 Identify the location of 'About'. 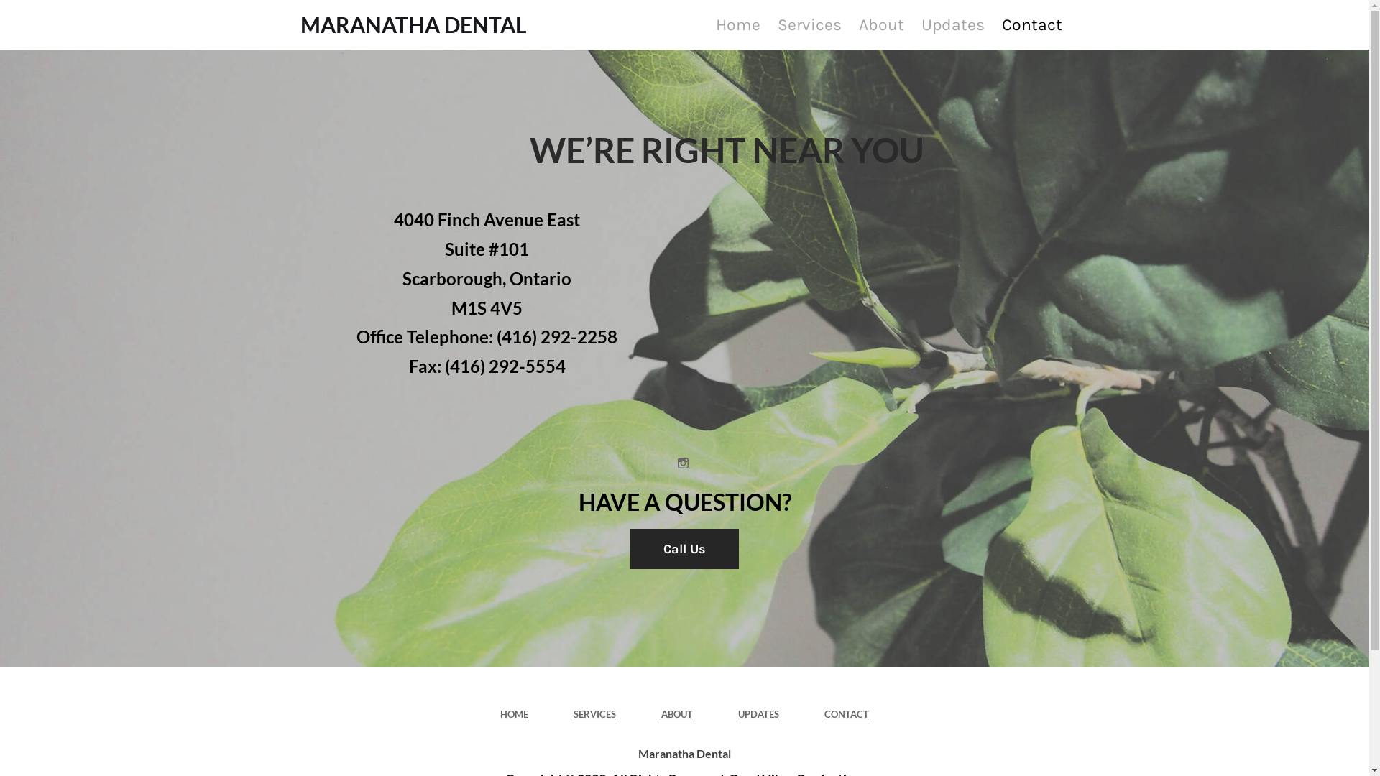
(880, 24).